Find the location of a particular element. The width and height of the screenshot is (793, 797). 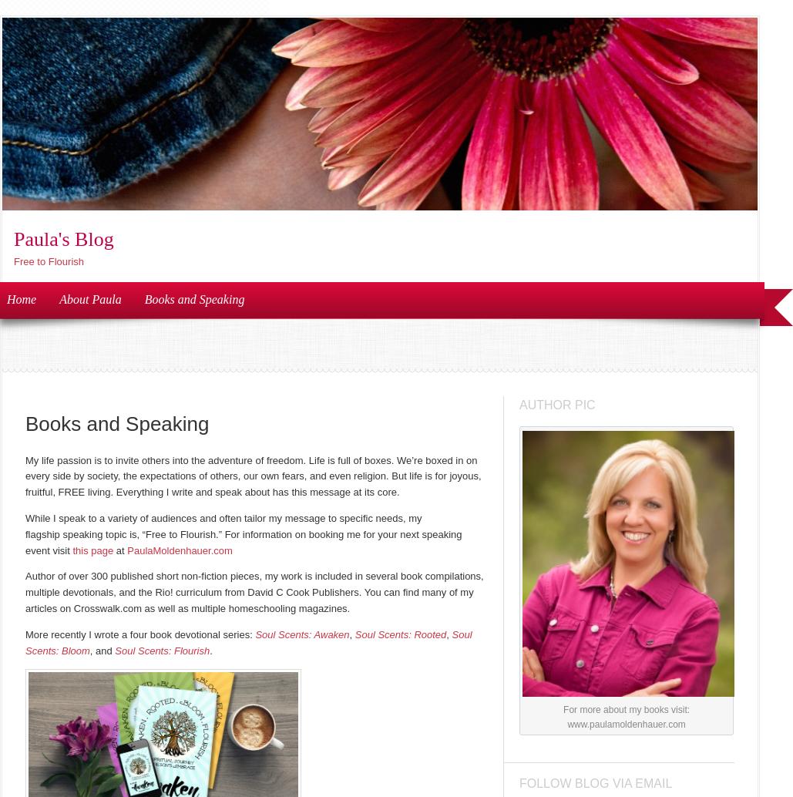

'Author of over 300 published short non-fiction pieces, my work is included in several book compilations, multiple devotionals, and the Rio! curriculum from David C Cook Publishers. You can find many of my articles on Crosswalk.com as well as multiple homeschooling magazines.' is located at coordinates (25, 591).